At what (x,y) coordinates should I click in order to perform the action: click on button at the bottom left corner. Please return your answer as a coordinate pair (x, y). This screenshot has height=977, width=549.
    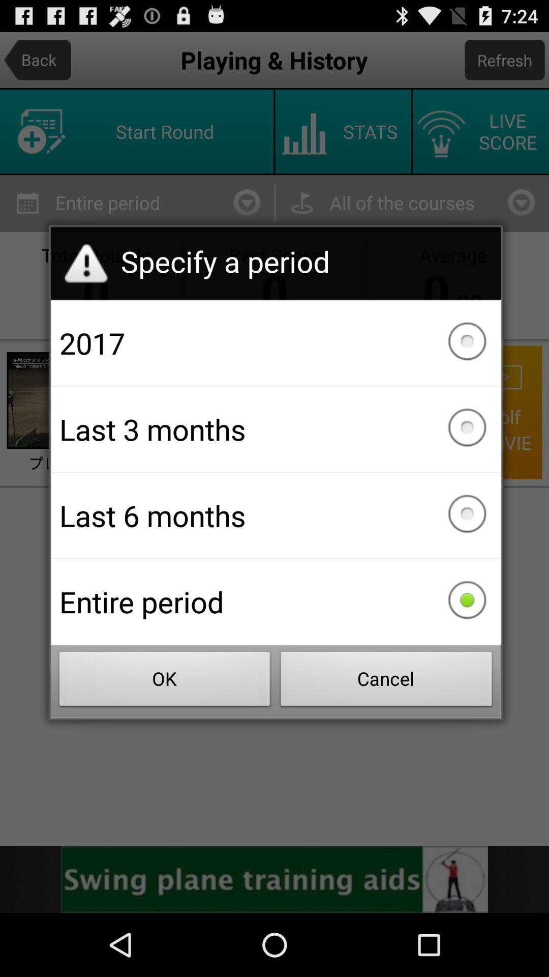
    Looking at the image, I should click on (164, 682).